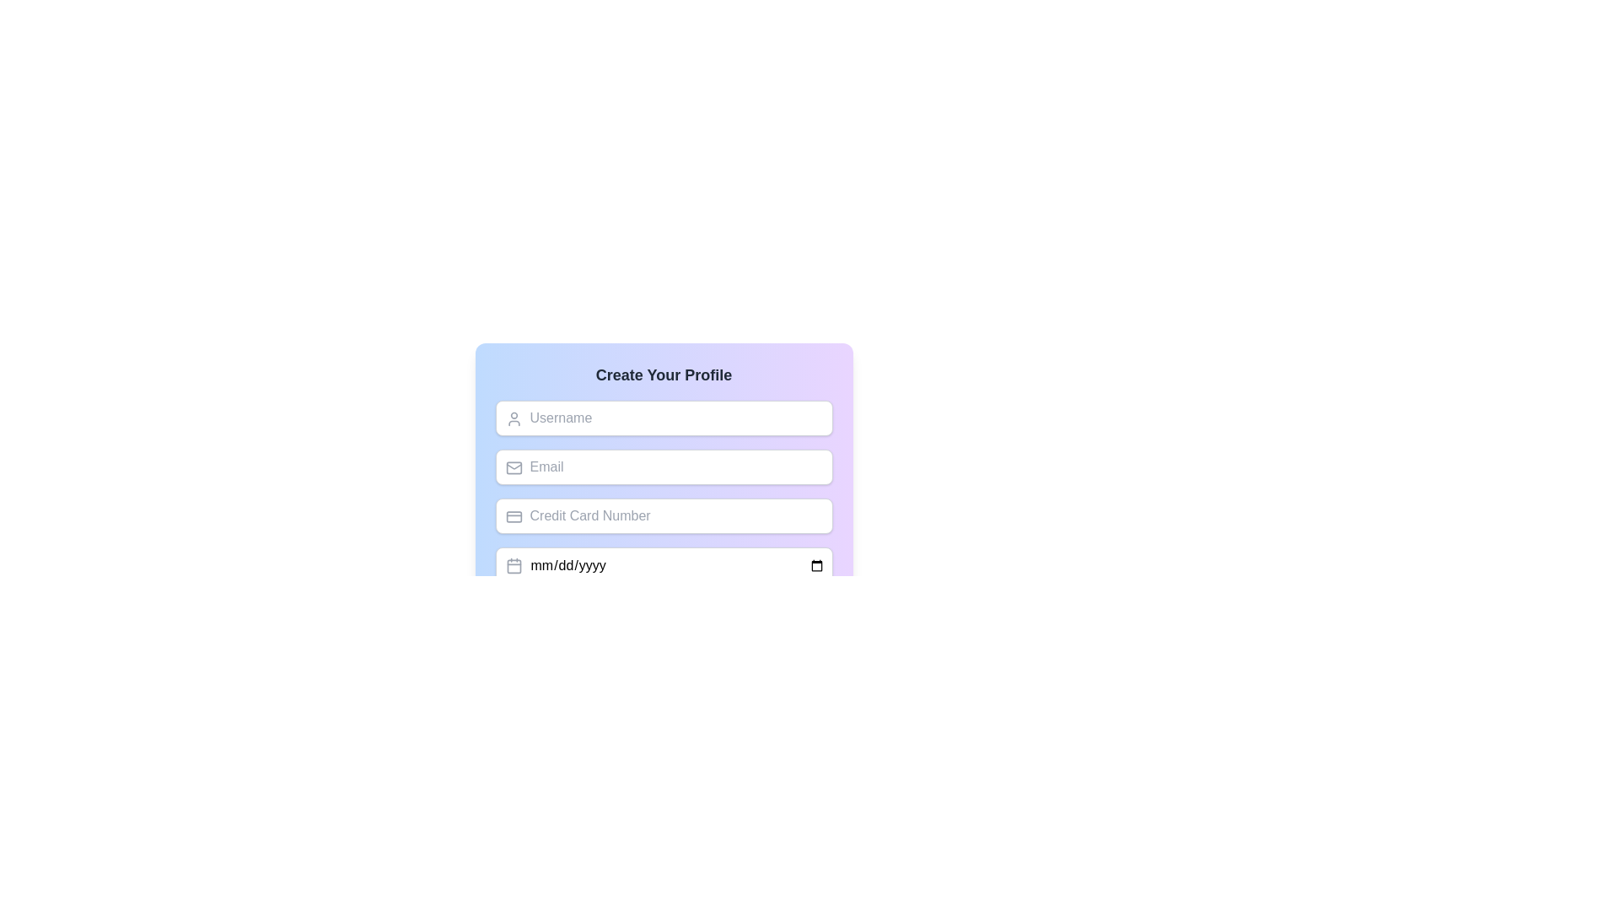  I want to click on the Date input field with integrated calendar picker located at the bottom of the 'Create Your Profile' form to focus on the field, so click(663, 566).